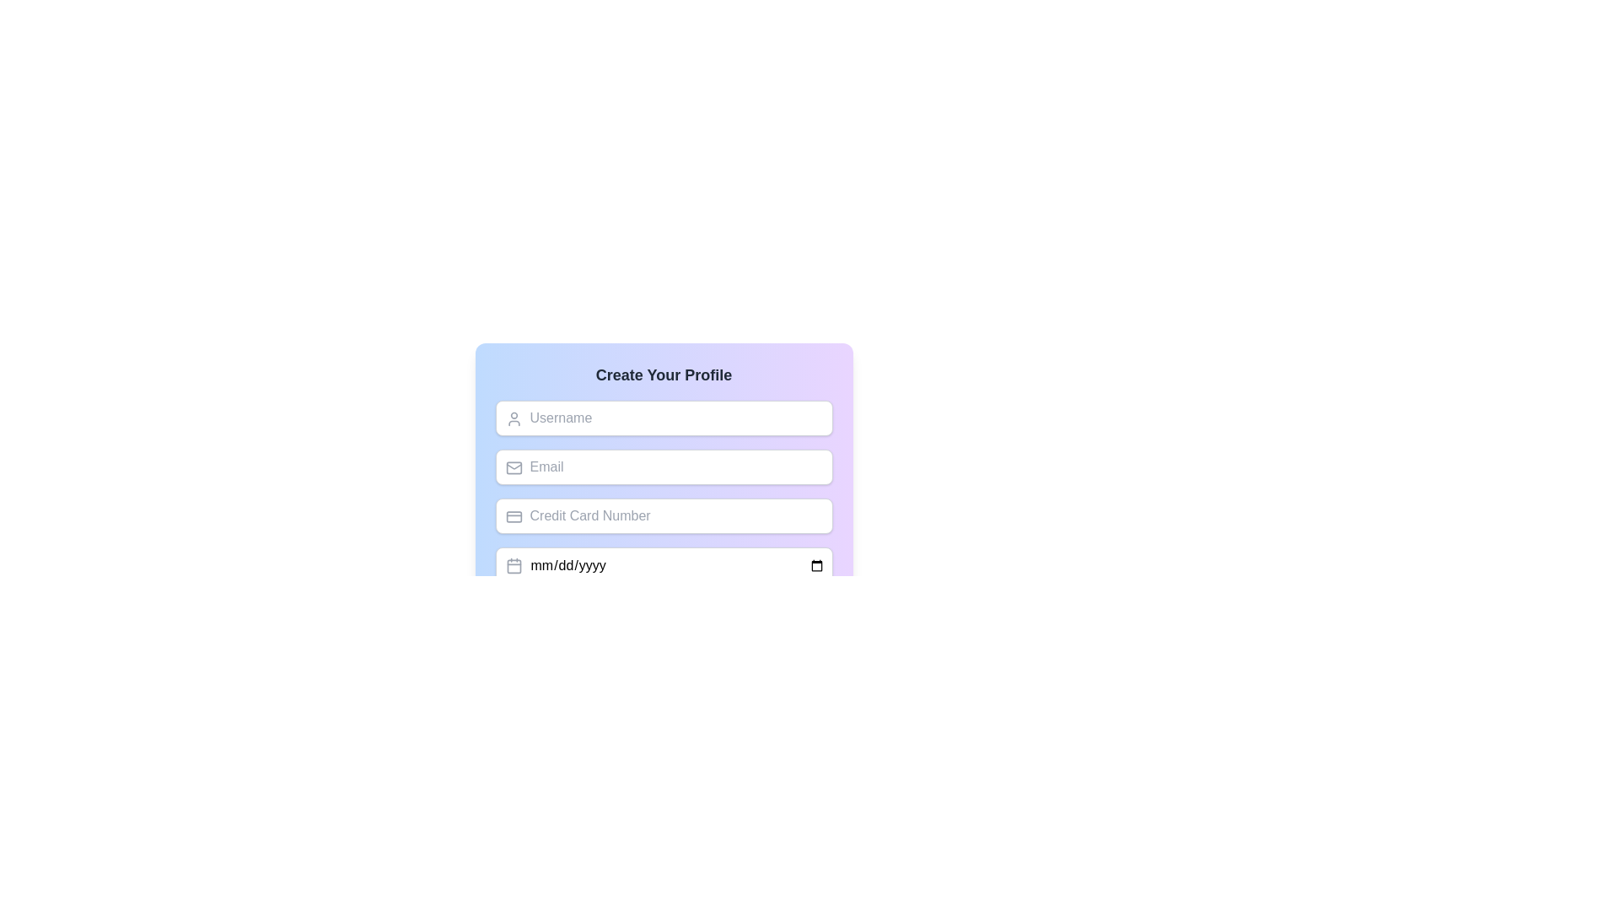  I want to click on the Date input field with integrated calendar picker located at the bottom of the 'Create Your Profile' form to focus on the field, so click(663, 566).